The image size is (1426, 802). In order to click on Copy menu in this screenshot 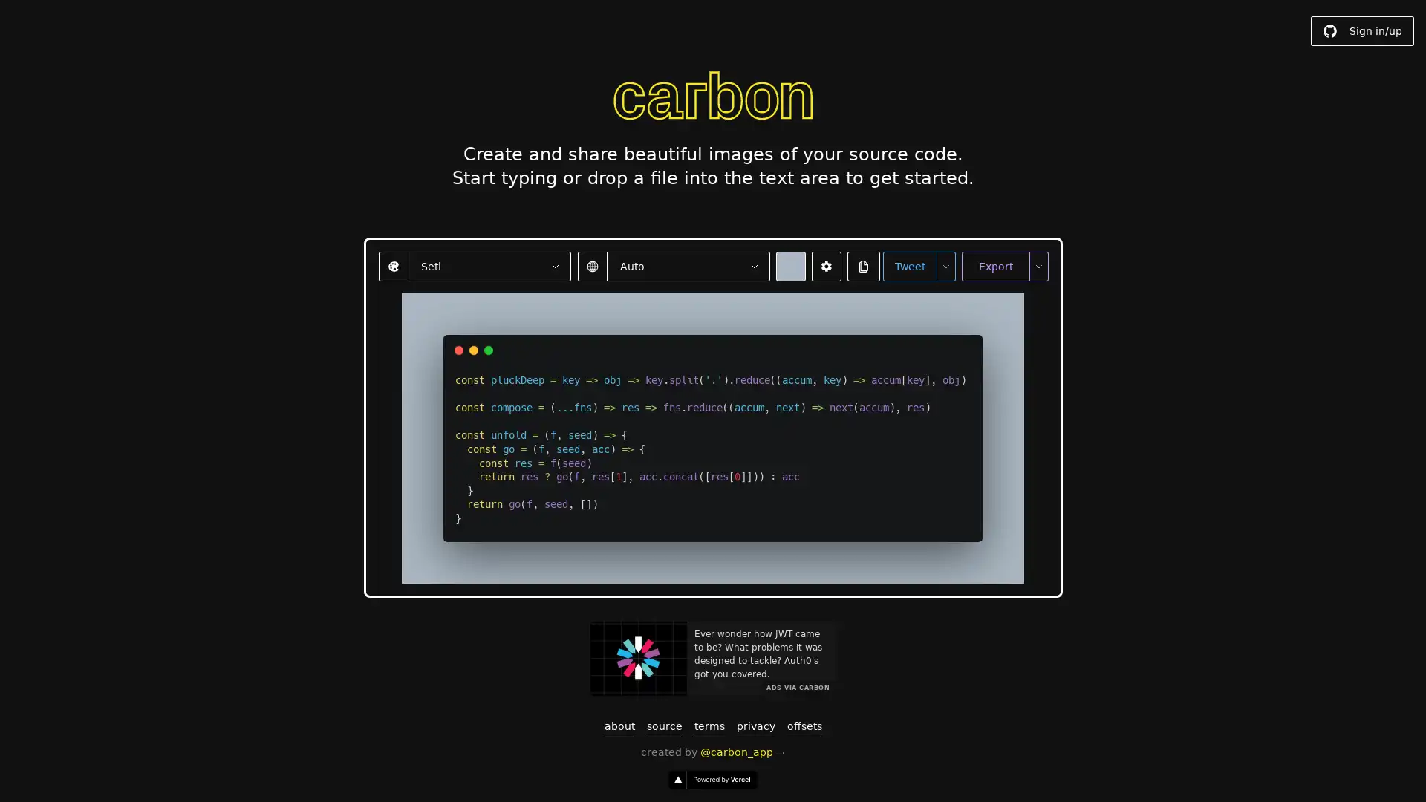, I will do `click(863, 265)`.